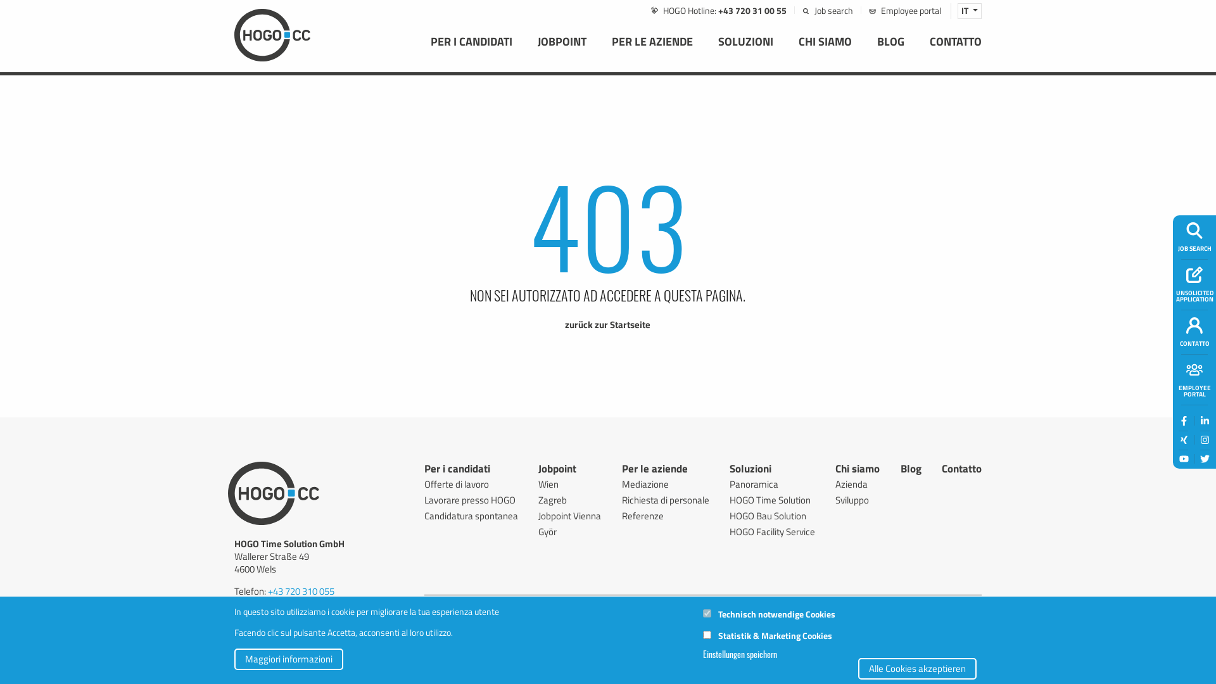 This screenshot has height=684, width=1216. Describe the element at coordinates (471, 49) in the screenshot. I see `'PER I CANDIDATI'` at that location.